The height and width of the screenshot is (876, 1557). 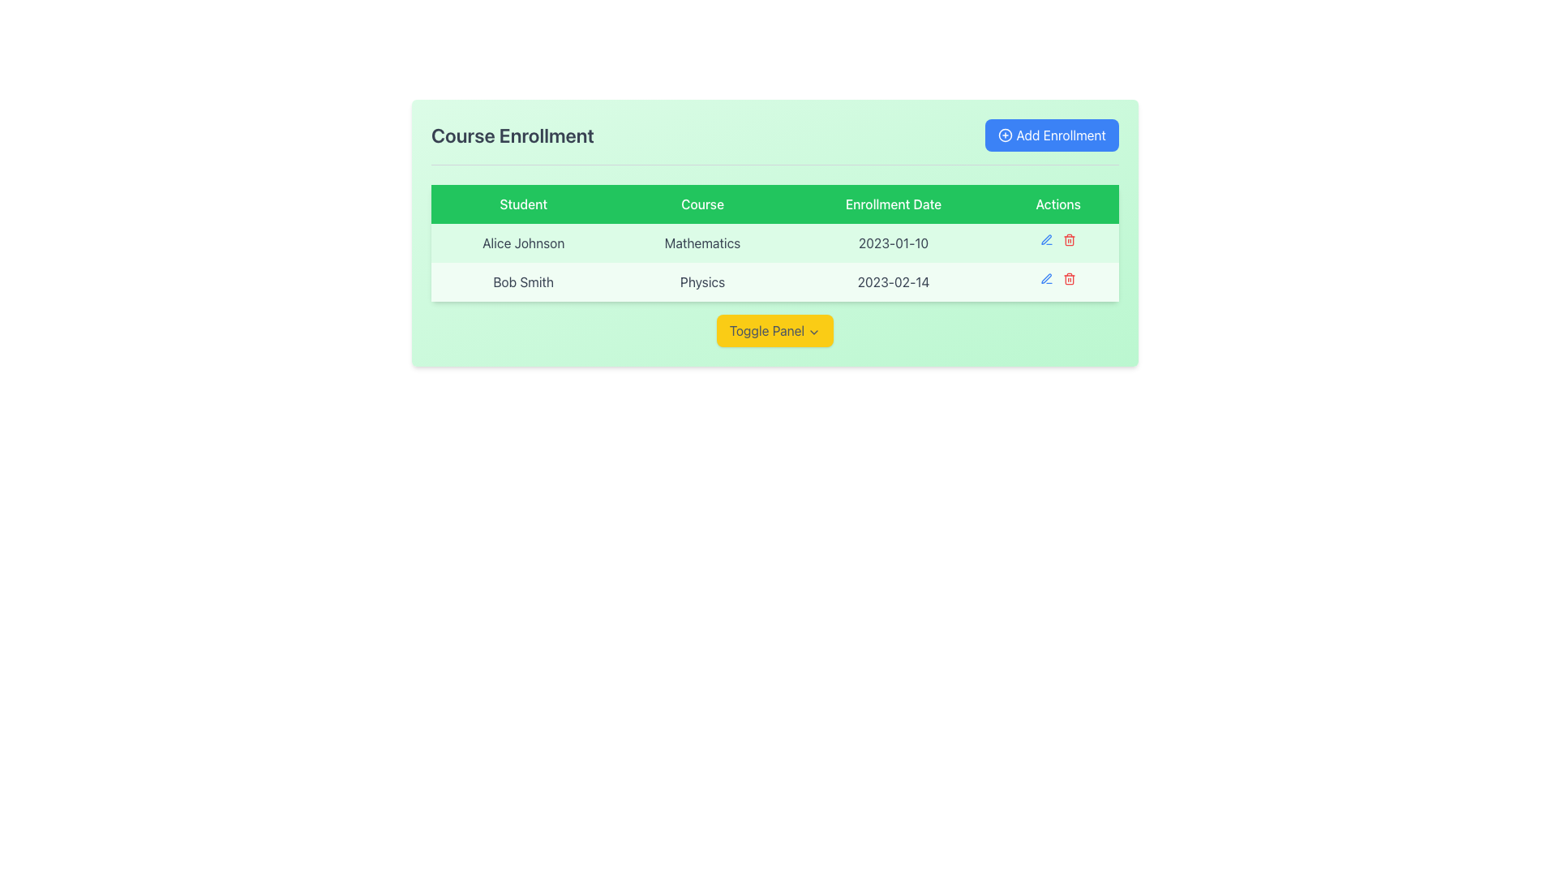 I want to click on the Table Header Cell labeled 'Student' with a green background and white text, located in the first column of the header row of the data table, so click(x=523, y=203).